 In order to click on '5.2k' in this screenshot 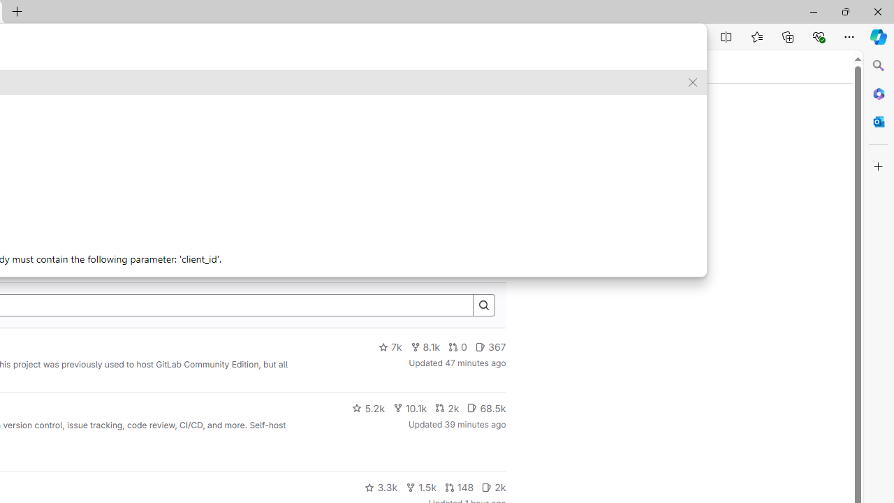, I will do `click(368, 407)`.